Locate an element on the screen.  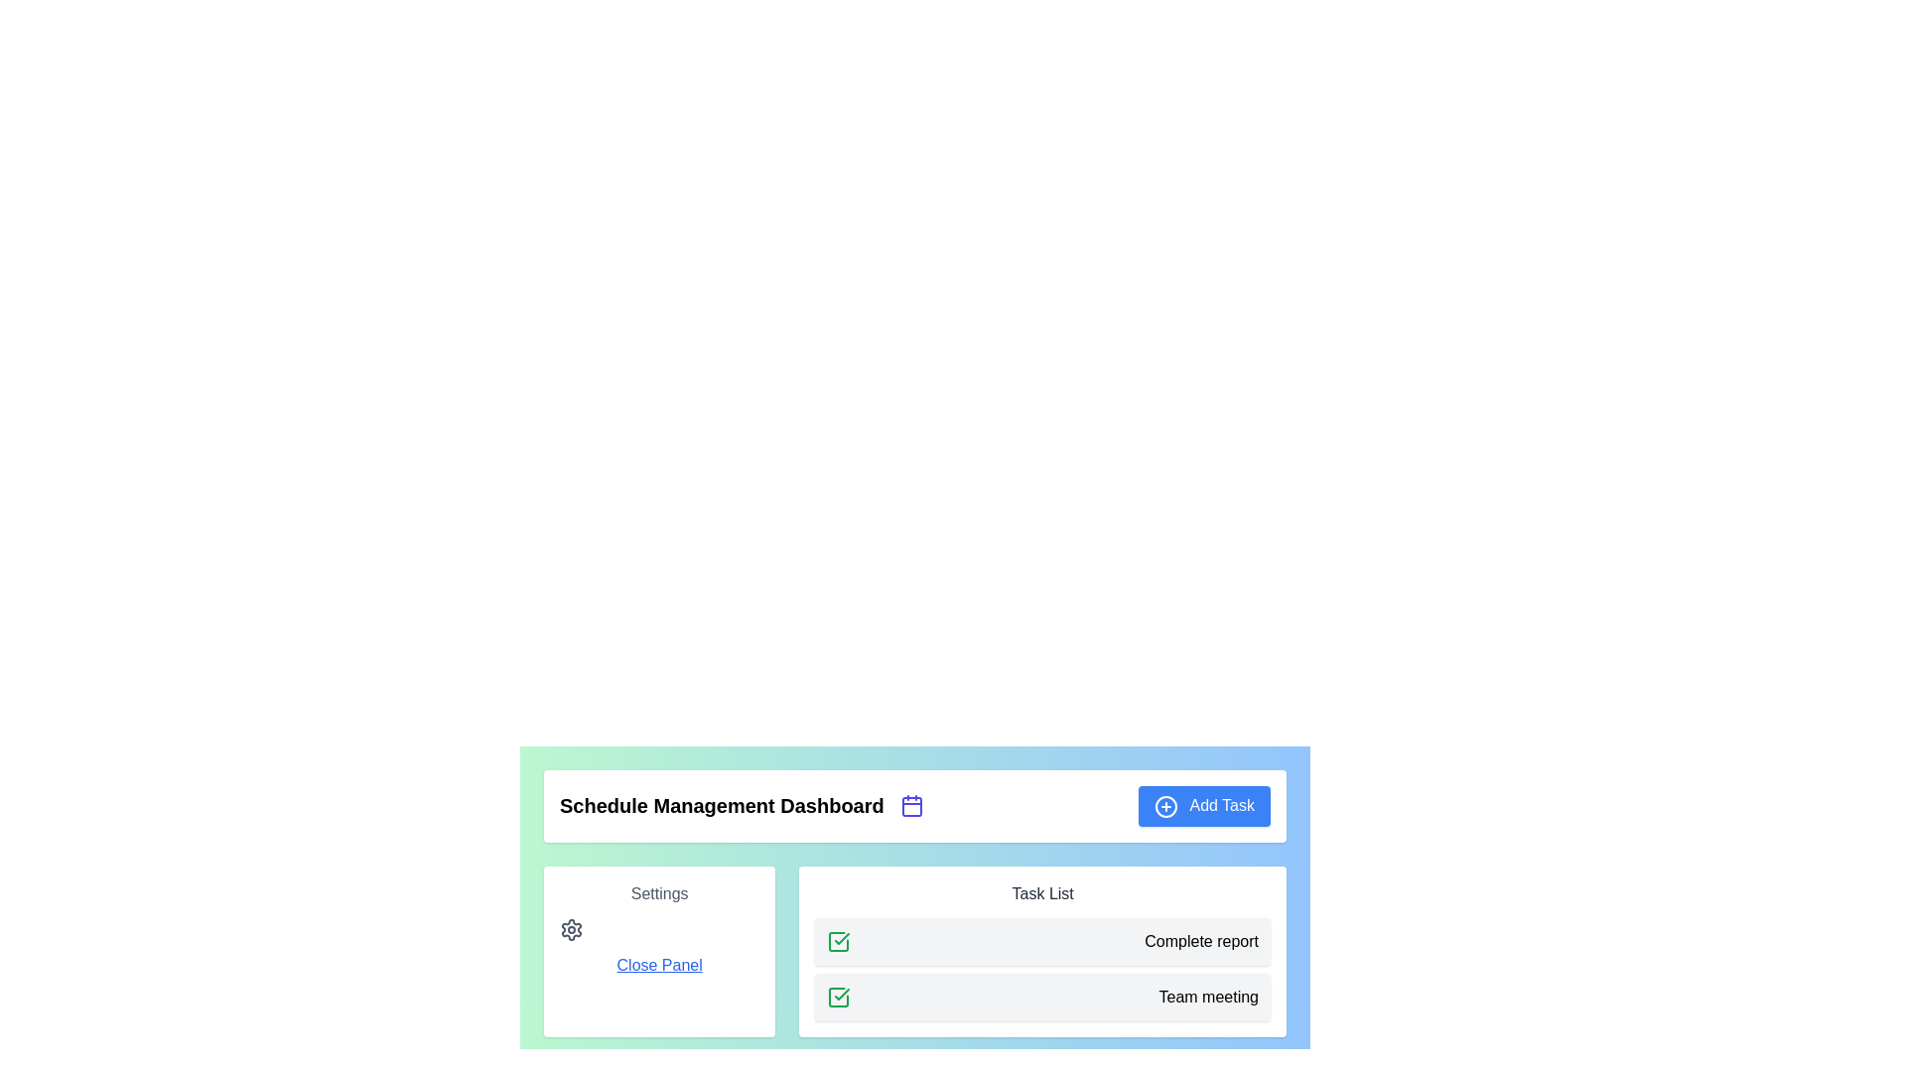
the first checkbox in the 'Task List' section is located at coordinates (839, 940).